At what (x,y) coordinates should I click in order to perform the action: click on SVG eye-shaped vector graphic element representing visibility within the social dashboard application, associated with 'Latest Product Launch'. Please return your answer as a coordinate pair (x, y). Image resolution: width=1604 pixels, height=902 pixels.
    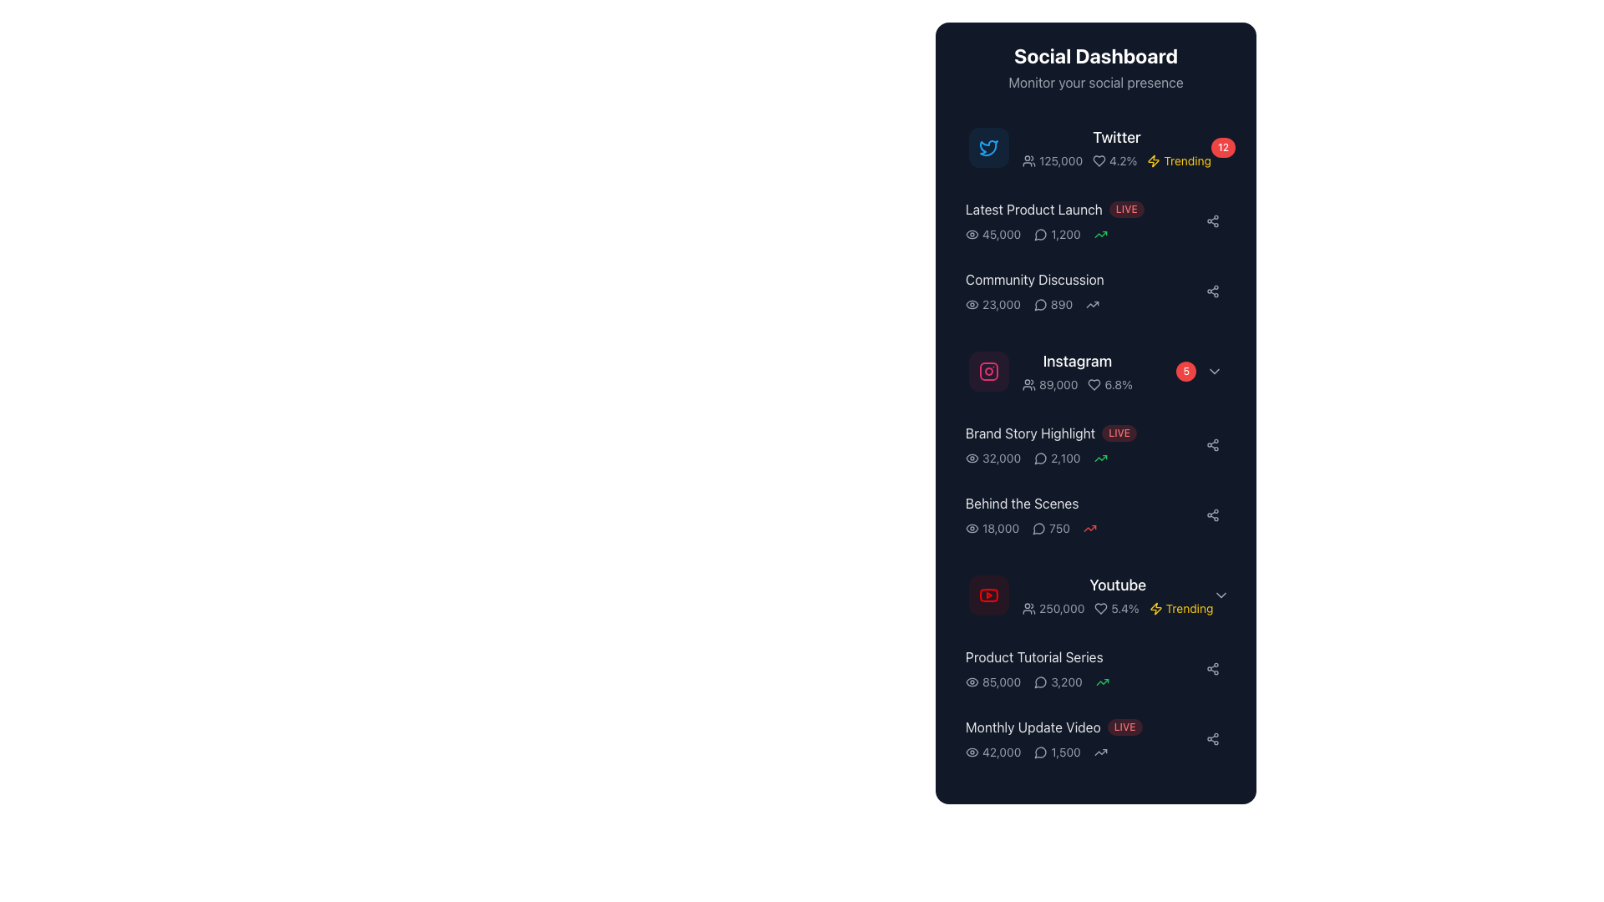
    Looking at the image, I should click on (972, 458).